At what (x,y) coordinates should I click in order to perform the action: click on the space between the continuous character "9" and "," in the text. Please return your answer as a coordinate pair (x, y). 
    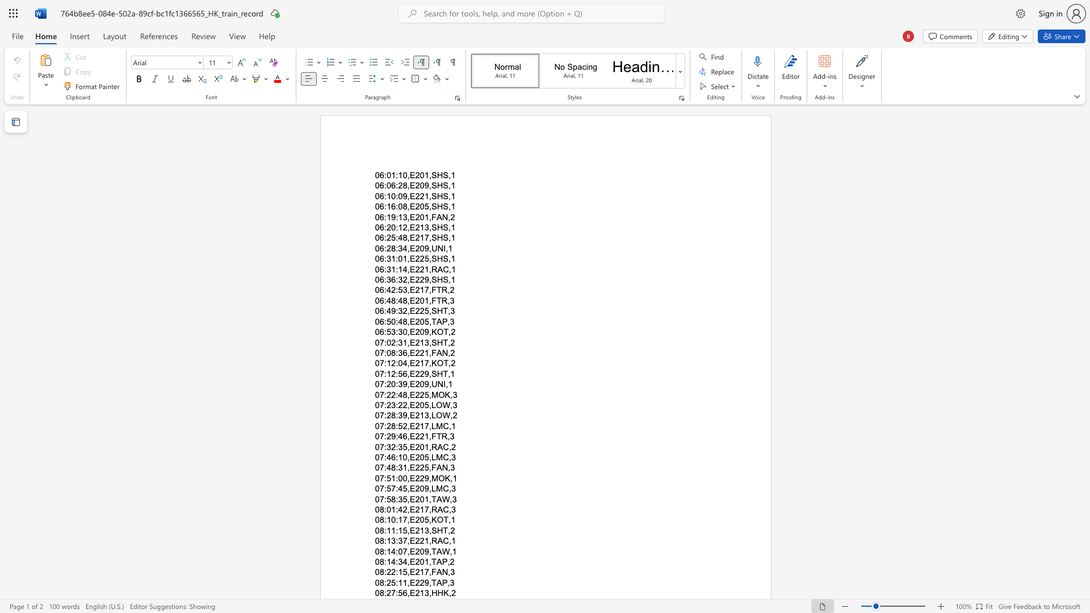
    Looking at the image, I should click on (406, 415).